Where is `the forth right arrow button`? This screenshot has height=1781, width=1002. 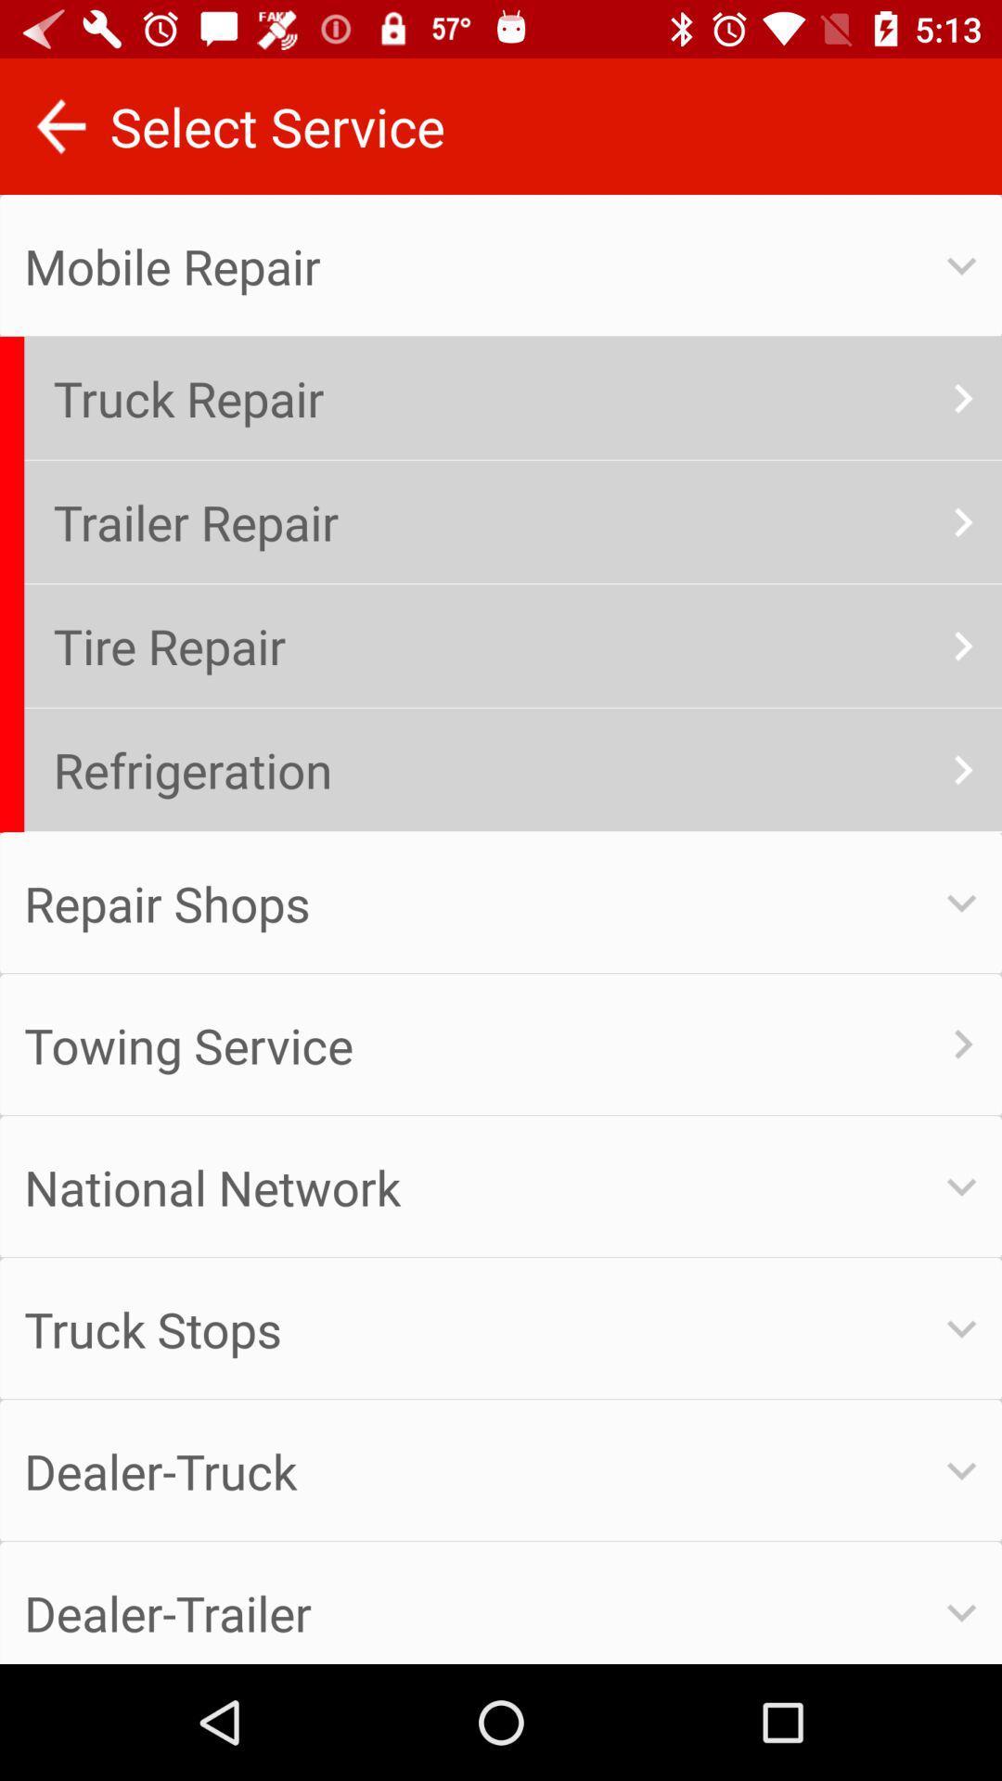
the forth right arrow button is located at coordinates (961, 770).